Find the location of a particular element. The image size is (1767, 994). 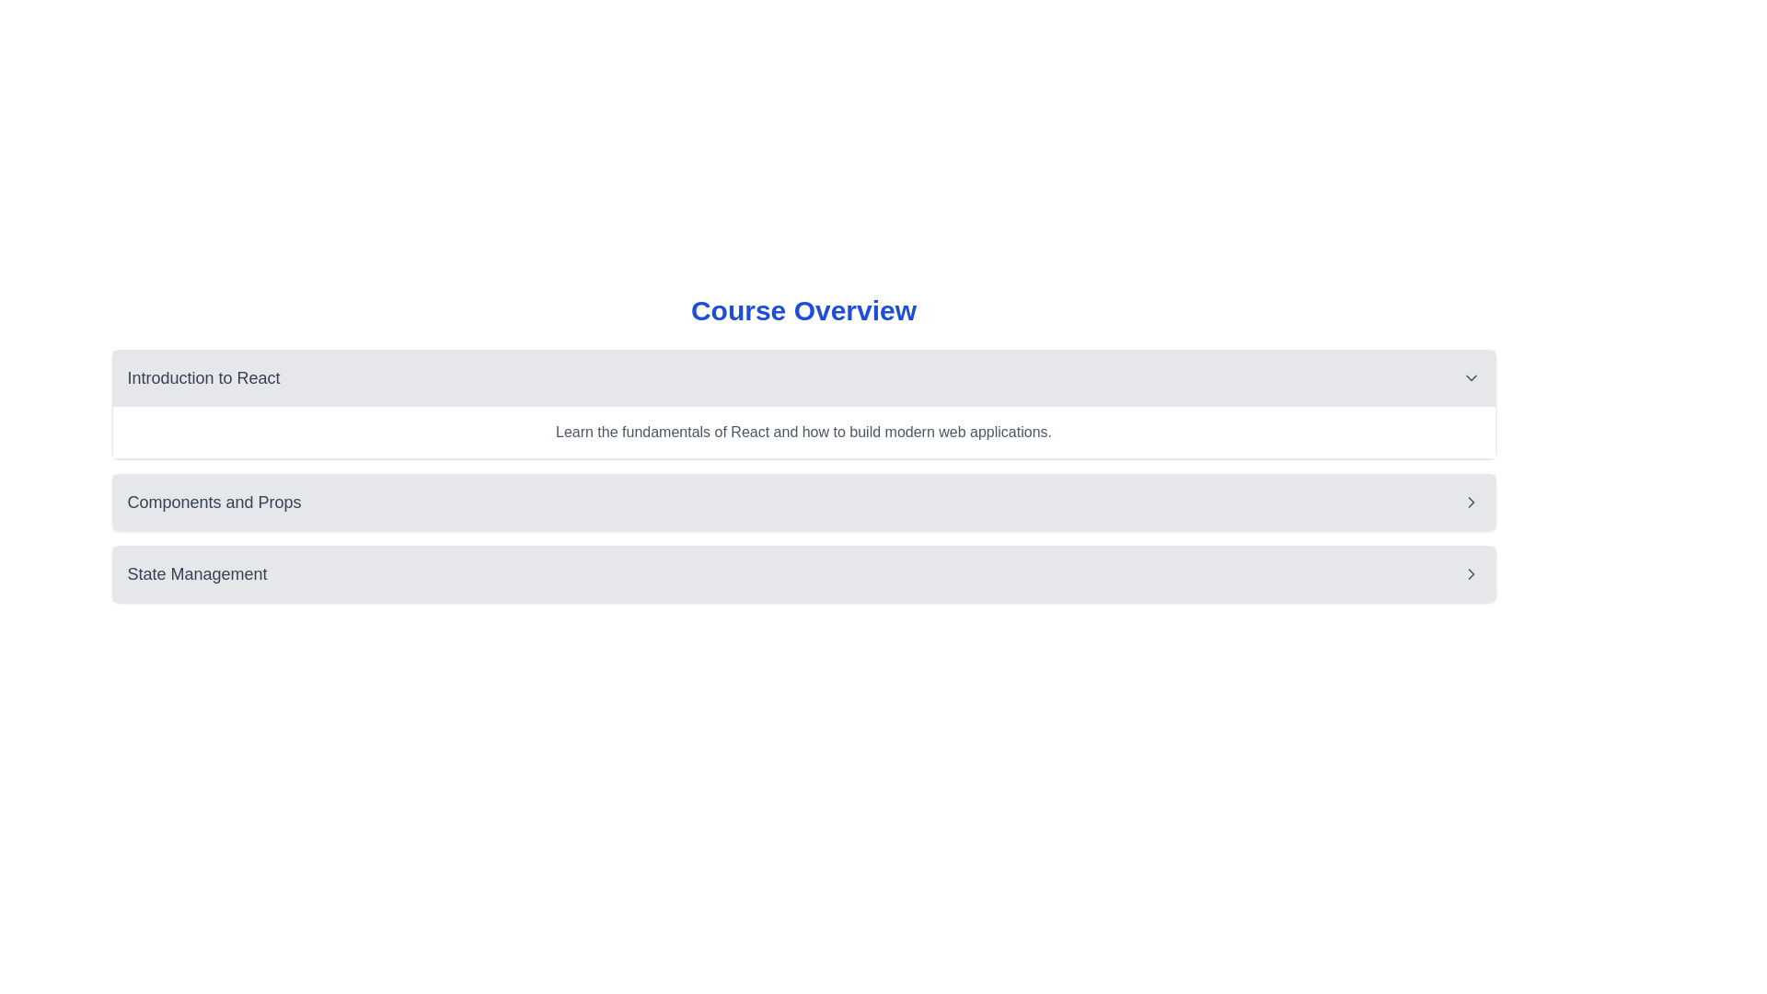

the Interactive List Item displaying 'Components and Props' is located at coordinates (803, 503).